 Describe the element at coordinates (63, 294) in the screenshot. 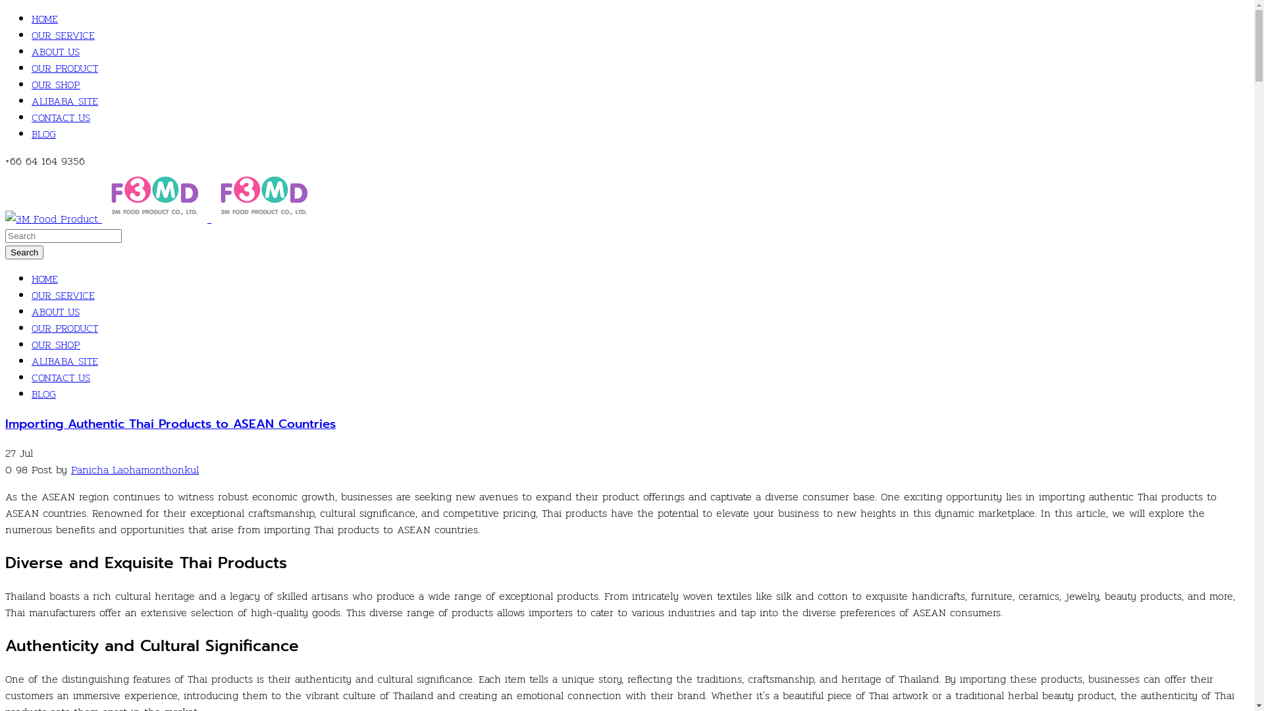

I see `'OUR SERVICE'` at that location.